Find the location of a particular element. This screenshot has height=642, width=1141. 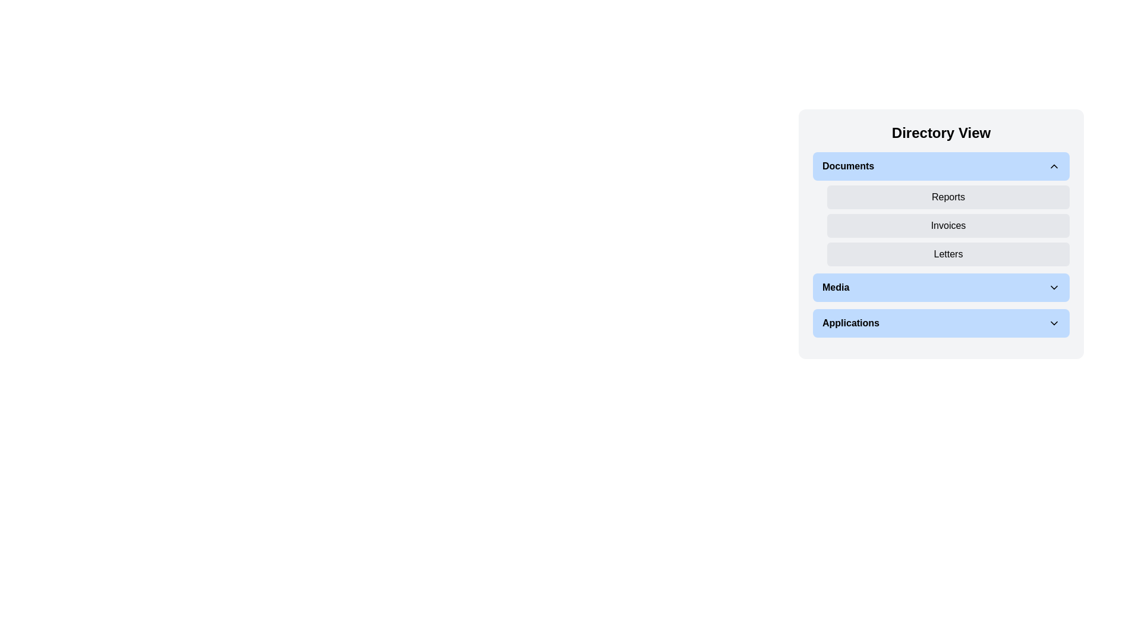

the 'Invoices' button, which is styled with a light gray background and is is located at coordinates (941, 234).